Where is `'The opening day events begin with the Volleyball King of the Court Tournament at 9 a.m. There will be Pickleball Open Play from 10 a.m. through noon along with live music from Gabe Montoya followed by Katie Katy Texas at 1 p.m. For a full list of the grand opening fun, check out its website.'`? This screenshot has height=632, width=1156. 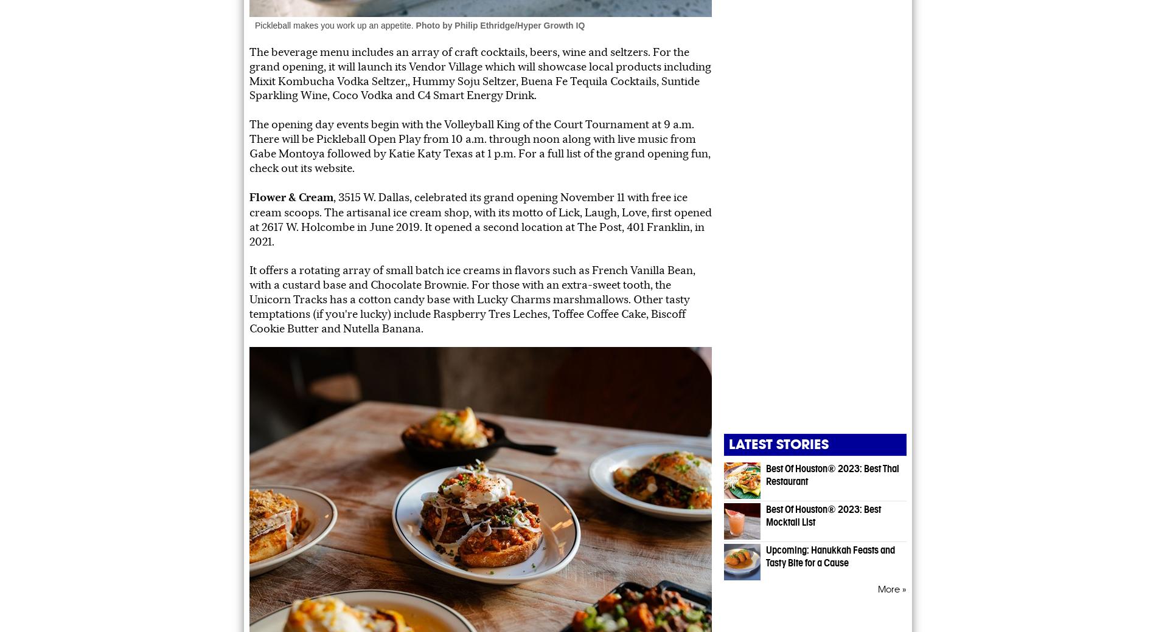
'The opening day events begin with the Volleyball King of the Court Tournament at 9 a.m. There will be Pickleball Open Play from 10 a.m. through noon along with live music from Gabe Montoya followed by Katie Katy Texas at 1 p.m. For a full list of the grand opening fun, check out its website.' is located at coordinates (479, 146).